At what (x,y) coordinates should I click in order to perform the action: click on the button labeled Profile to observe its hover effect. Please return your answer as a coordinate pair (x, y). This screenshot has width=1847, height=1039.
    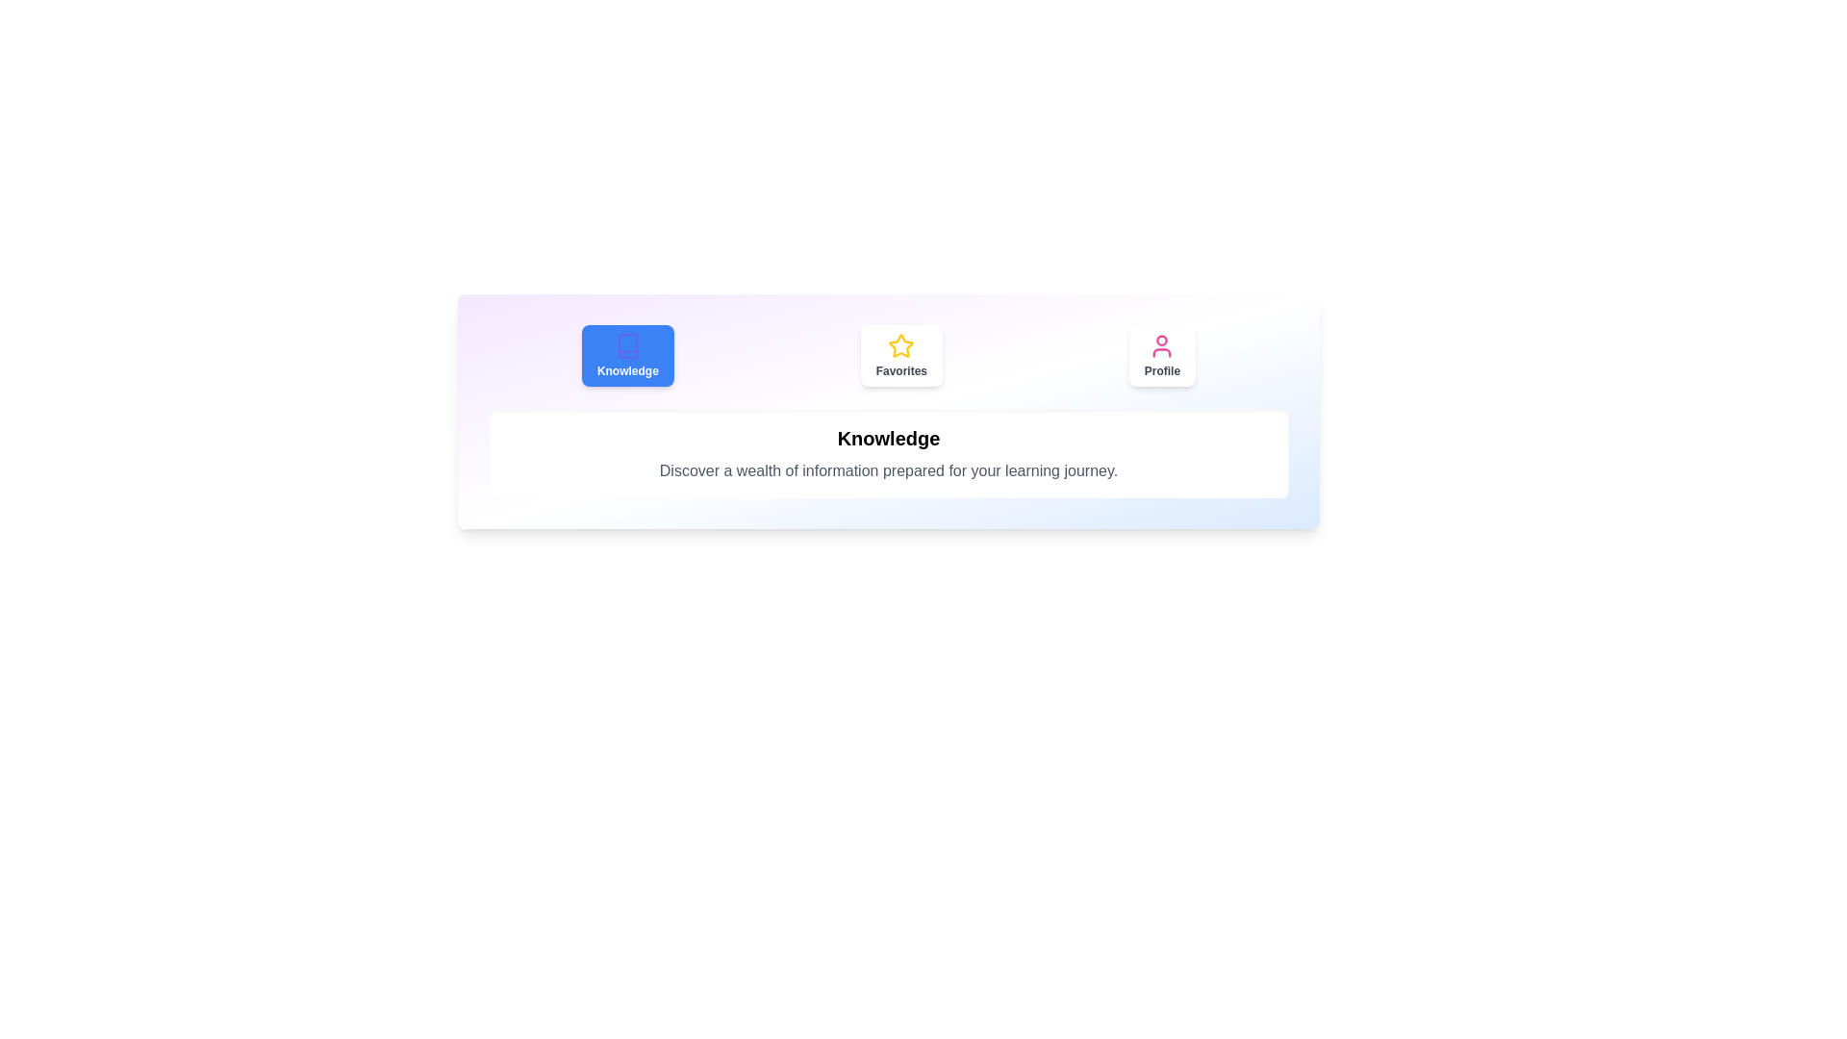
    Looking at the image, I should click on (1161, 356).